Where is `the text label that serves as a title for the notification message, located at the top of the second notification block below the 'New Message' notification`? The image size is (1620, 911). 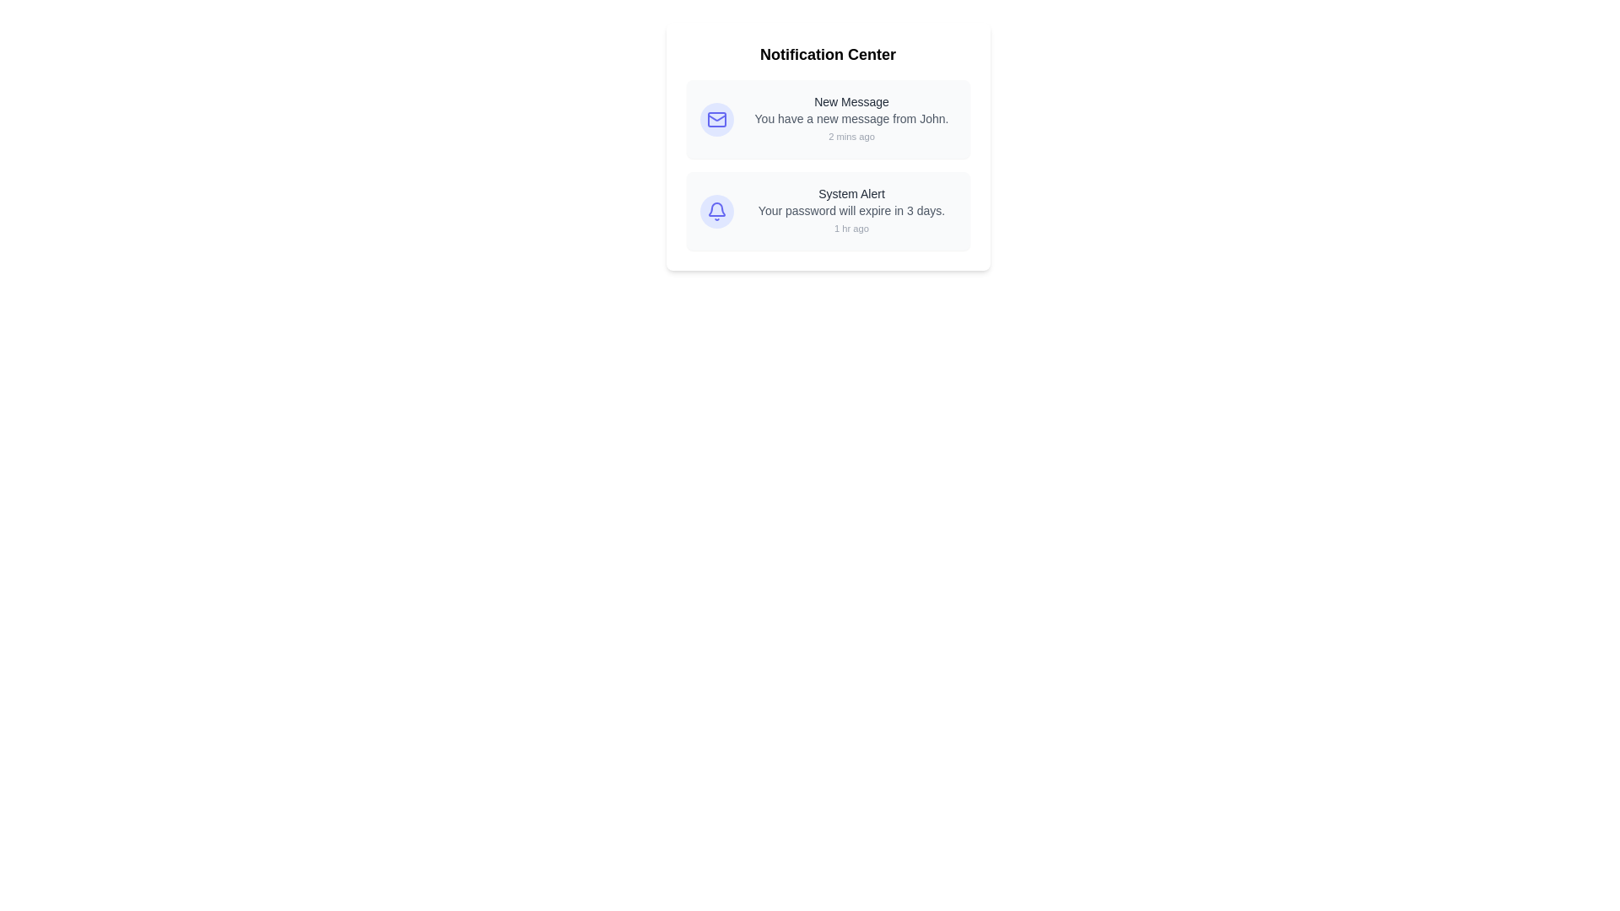 the text label that serves as a title for the notification message, located at the top of the second notification block below the 'New Message' notification is located at coordinates (851, 193).